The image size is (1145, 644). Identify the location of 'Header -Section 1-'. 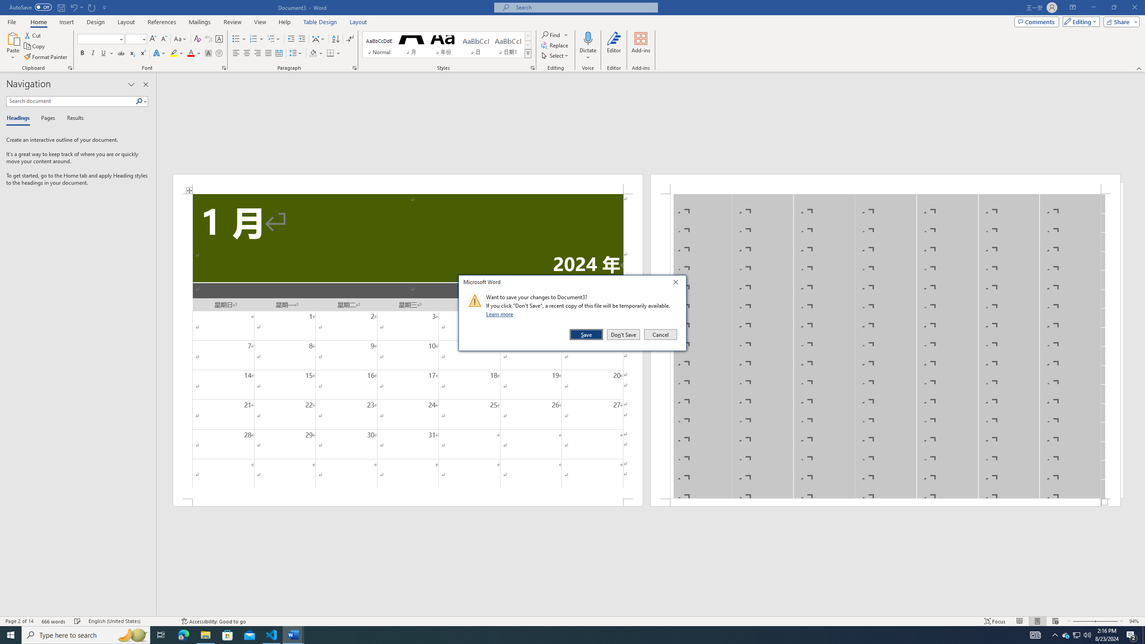
(886, 183).